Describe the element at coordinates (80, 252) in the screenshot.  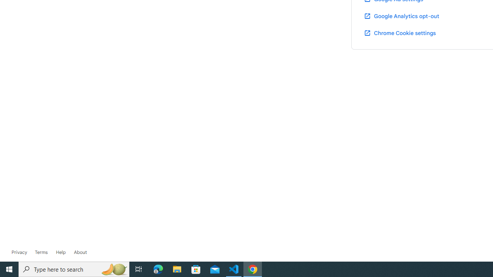
I see `'Learn more about Google Account'` at that location.